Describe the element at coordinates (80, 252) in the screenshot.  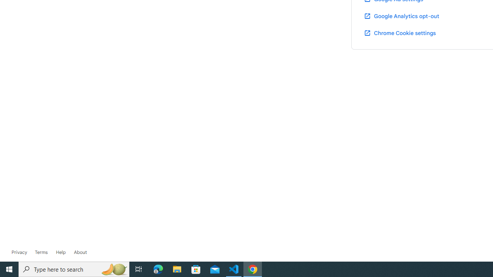
I see `'Learn more about Google Account'` at that location.